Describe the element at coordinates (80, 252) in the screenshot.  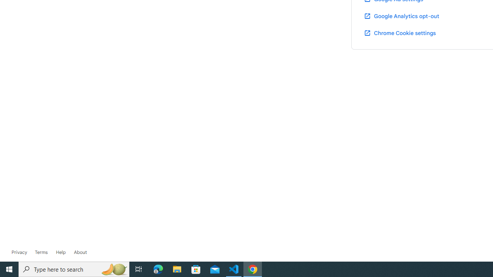
I see `'Learn more about Google Account'` at that location.